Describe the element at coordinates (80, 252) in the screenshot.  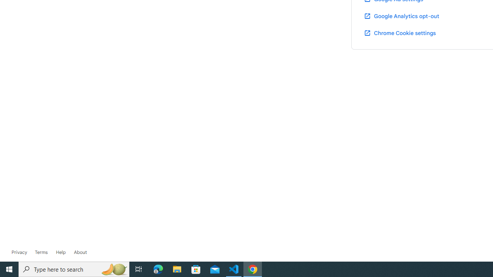
I see `'Learn more about Google Account'` at that location.